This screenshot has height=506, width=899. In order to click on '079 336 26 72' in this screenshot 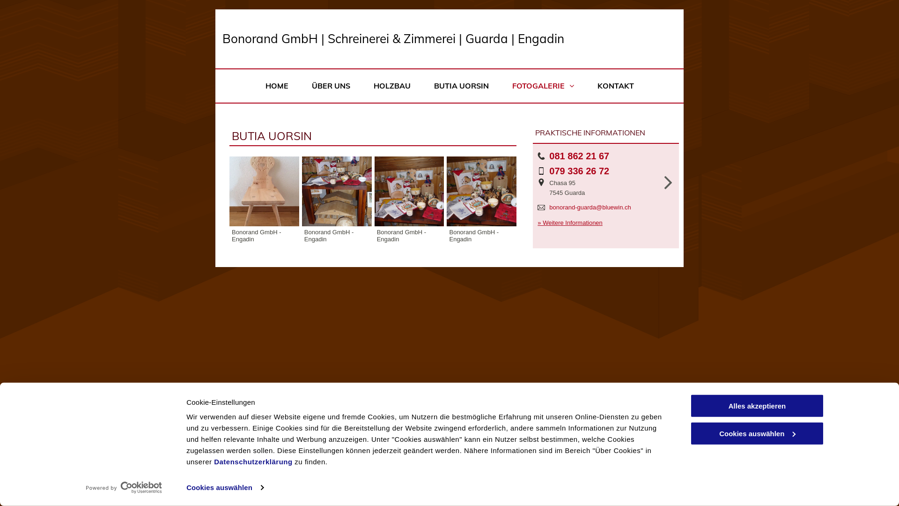, I will do `click(579, 171)`.